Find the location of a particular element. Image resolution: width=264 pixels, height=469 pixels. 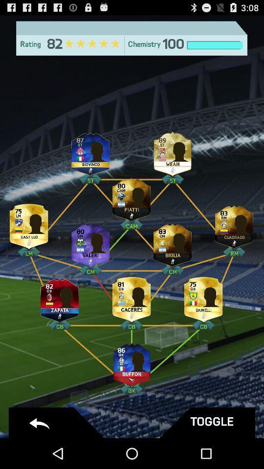

choose defender is located at coordinates (203, 297).